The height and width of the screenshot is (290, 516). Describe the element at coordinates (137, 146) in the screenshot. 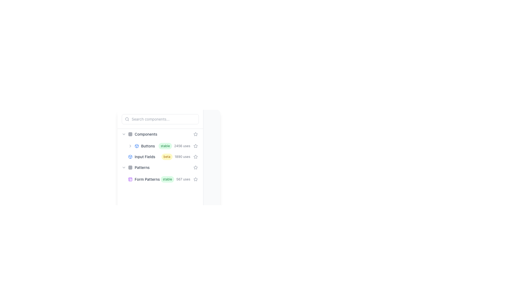

I see `the icon representing the 'Buttons' section located slightly to the left of the 'Buttons' label in the left side navigation section to interact with it` at that location.